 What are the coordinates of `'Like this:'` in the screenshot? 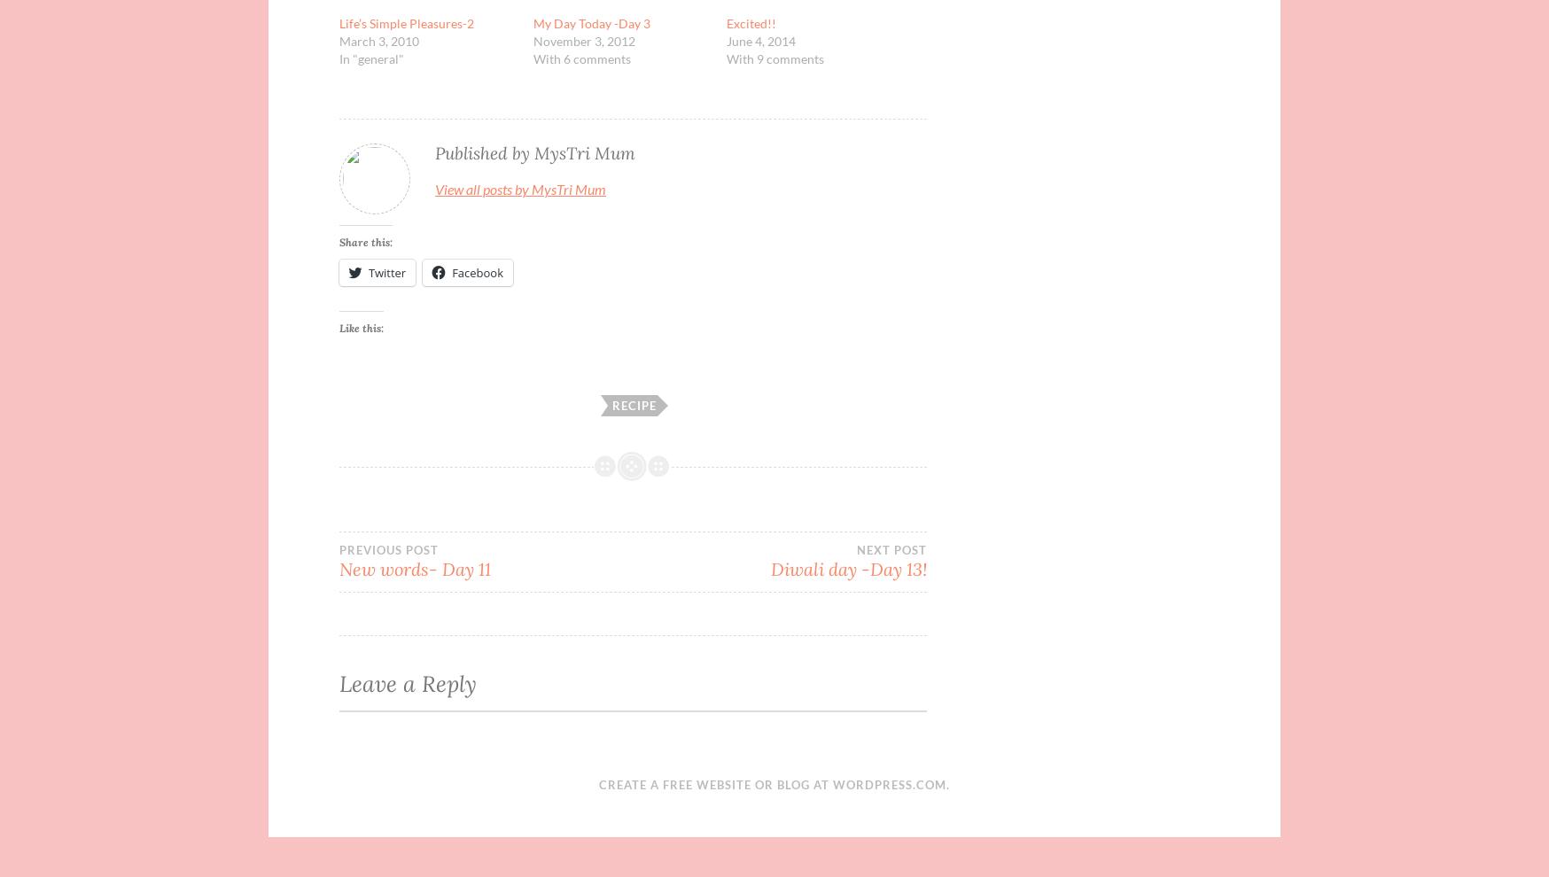 It's located at (361, 328).